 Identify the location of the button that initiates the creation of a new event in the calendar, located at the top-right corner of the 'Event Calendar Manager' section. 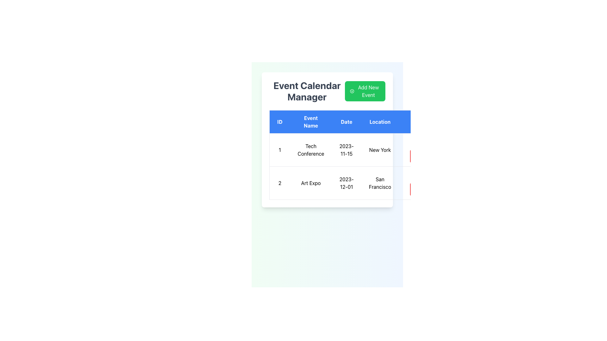
(365, 91).